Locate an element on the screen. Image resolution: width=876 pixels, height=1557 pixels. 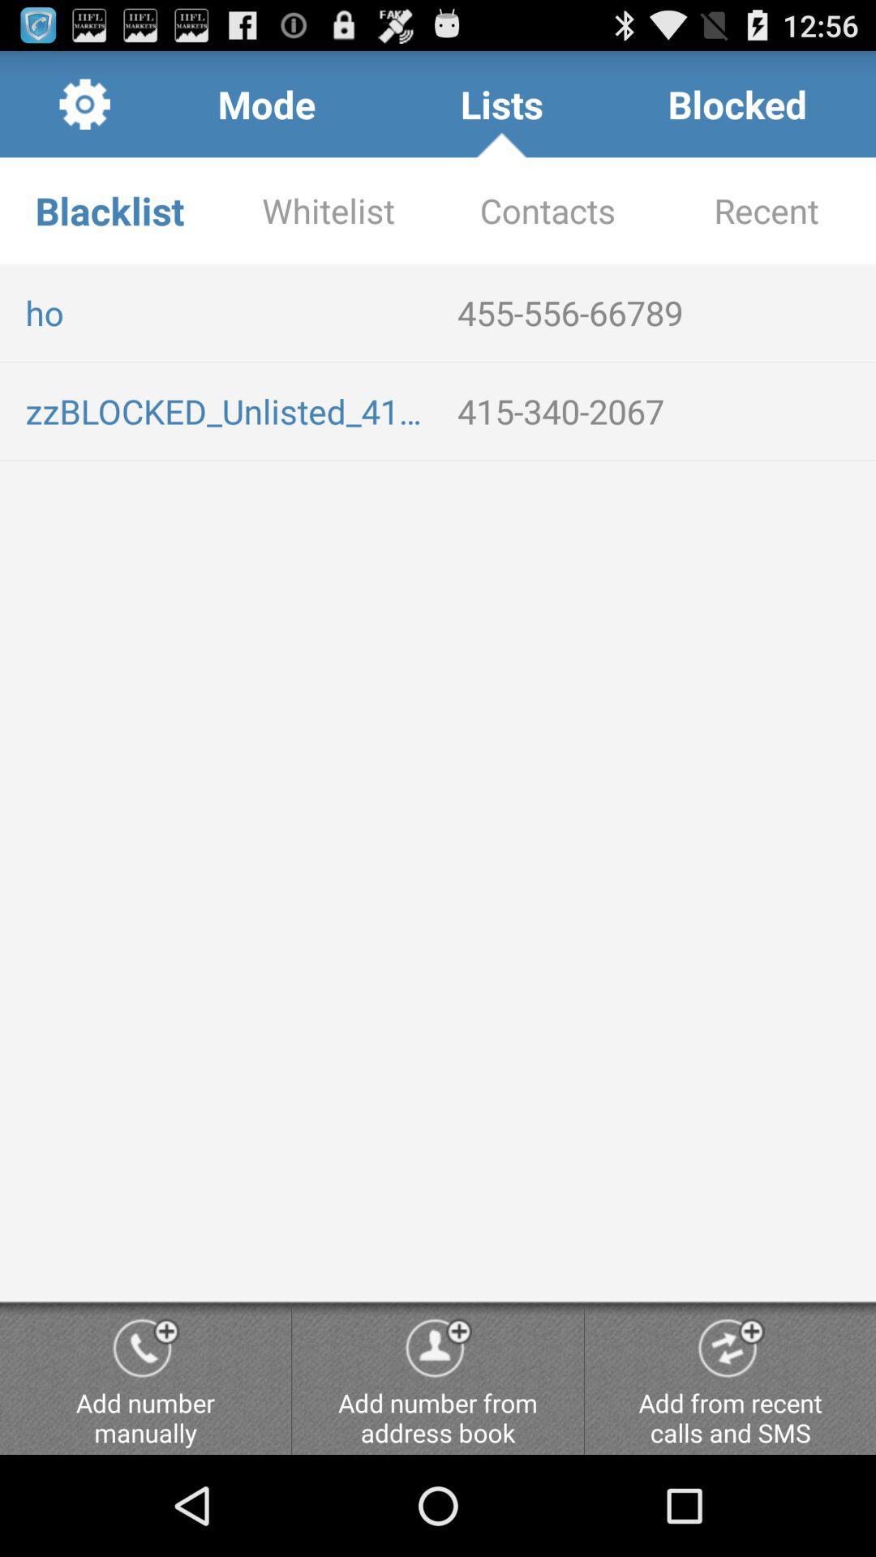
the item to the left of whitelist item is located at coordinates (109, 209).